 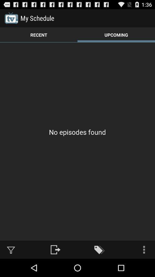 I want to click on the item next to recent icon, so click(x=116, y=35).